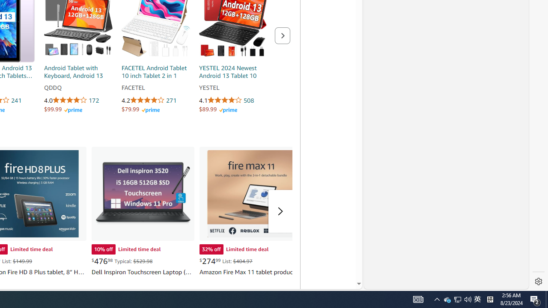  Describe the element at coordinates (218, 109) in the screenshot. I see `'$89.99 Amazon Prime'` at that location.